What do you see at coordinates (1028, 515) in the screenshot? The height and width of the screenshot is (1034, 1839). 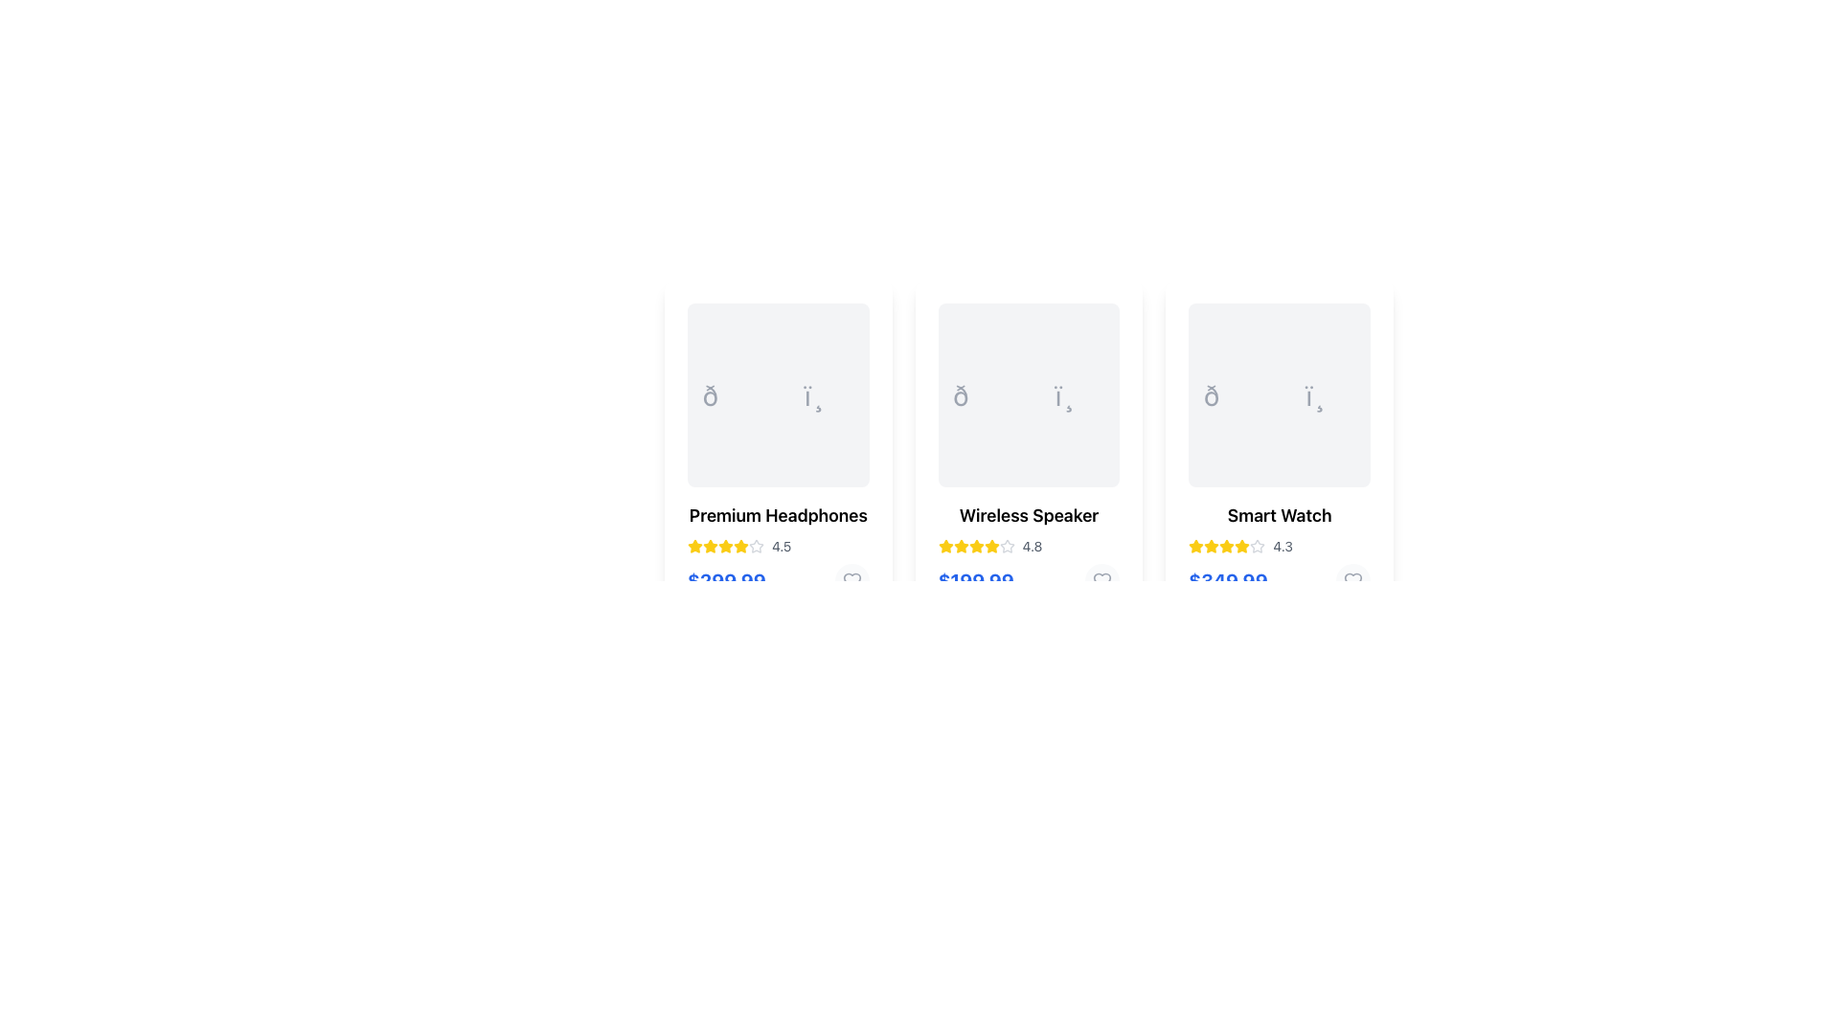 I see `text label located centrally within the second product card, above the star rating and price section` at bounding box center [1028, 515].